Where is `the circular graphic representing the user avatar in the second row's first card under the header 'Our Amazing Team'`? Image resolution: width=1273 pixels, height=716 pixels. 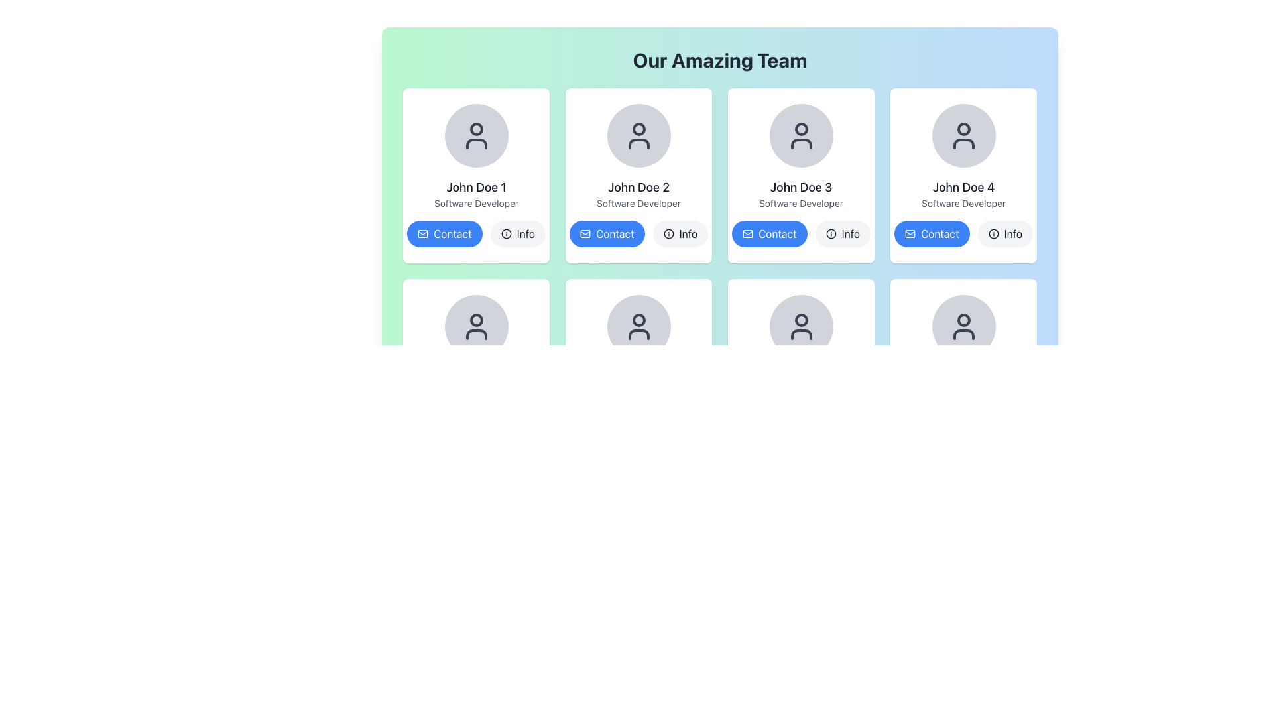 the circular graphic representing the user avatar in the second row's first card under the header 'Our Amazing Team' is located at coordinates (476, 320).